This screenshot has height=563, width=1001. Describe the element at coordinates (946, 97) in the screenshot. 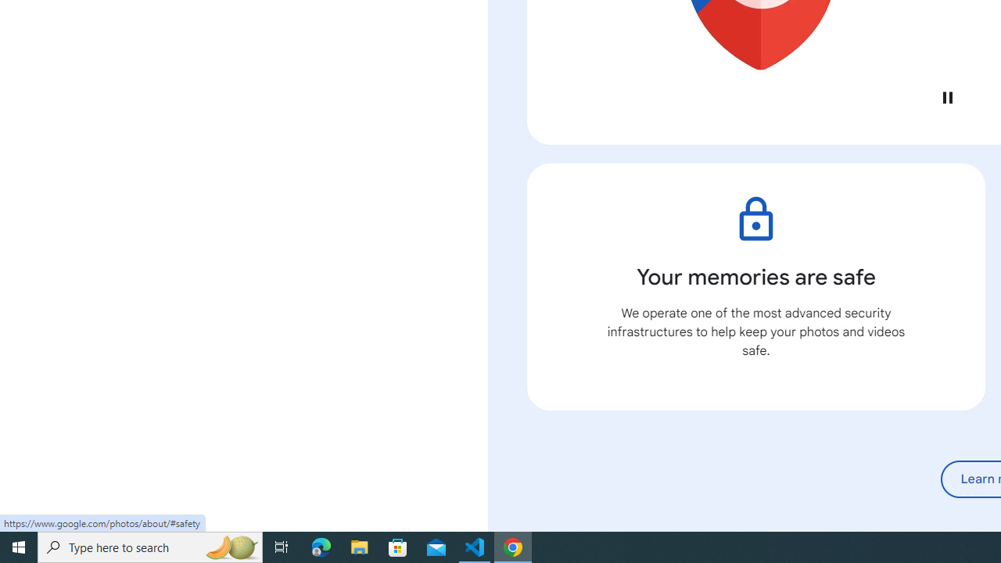

I see `'Play video'` at that location.